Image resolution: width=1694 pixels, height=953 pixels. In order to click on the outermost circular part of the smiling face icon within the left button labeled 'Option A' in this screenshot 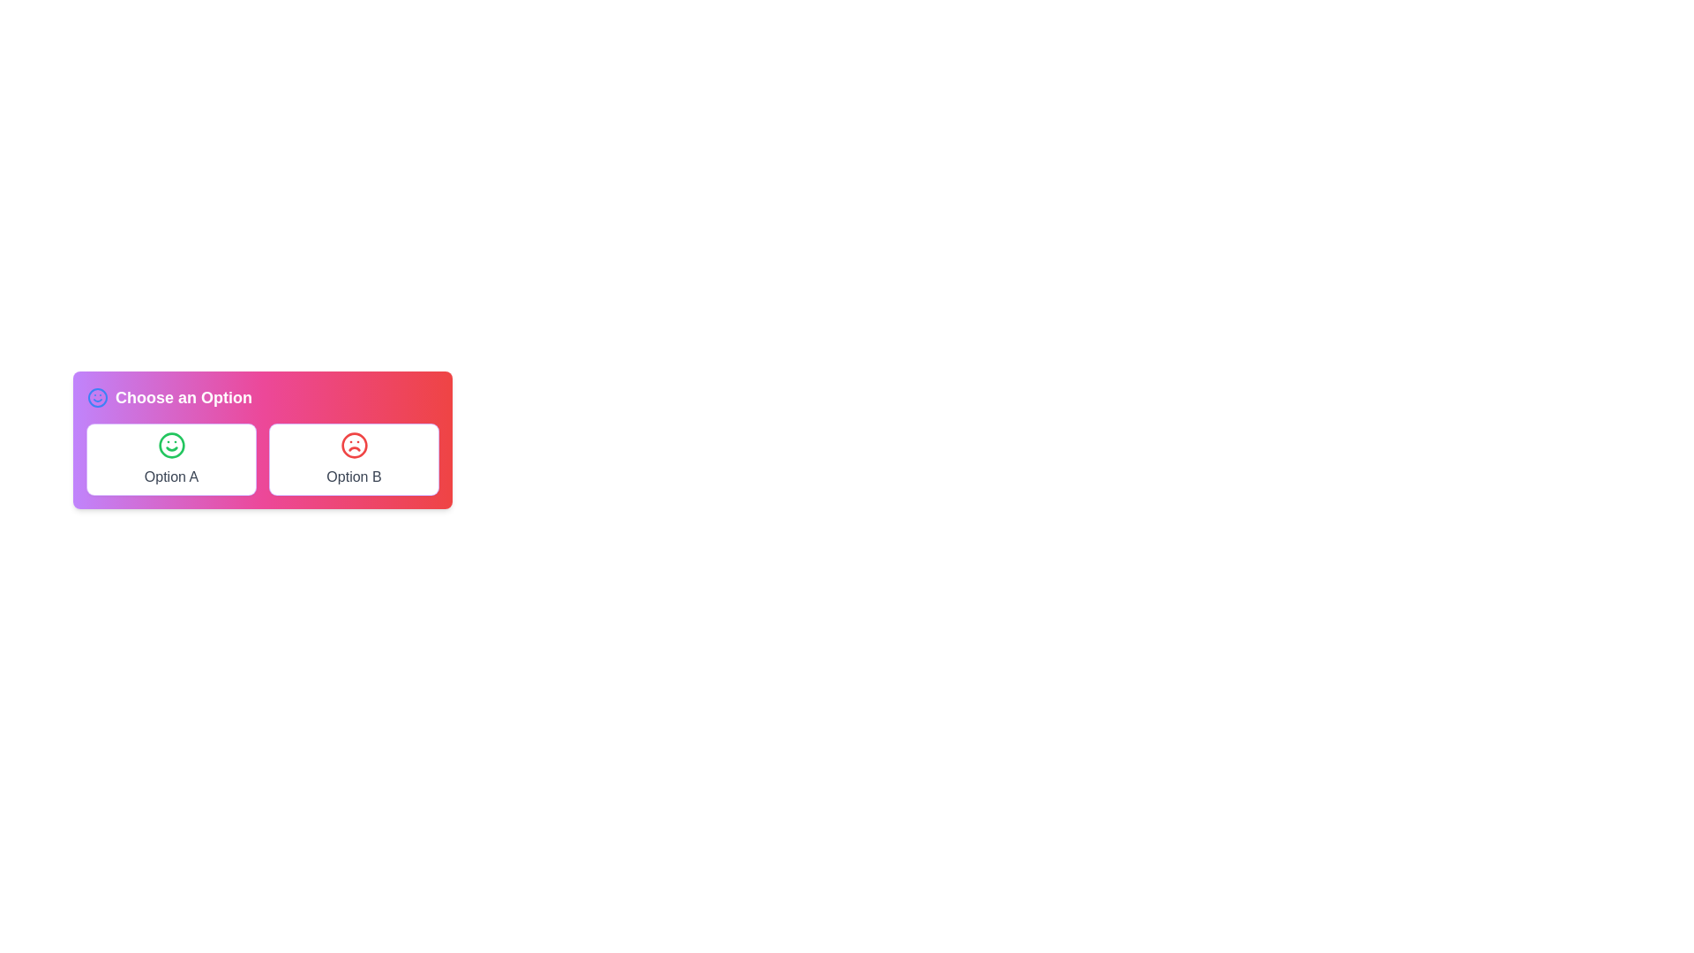, I will do `click(171, 445)`.